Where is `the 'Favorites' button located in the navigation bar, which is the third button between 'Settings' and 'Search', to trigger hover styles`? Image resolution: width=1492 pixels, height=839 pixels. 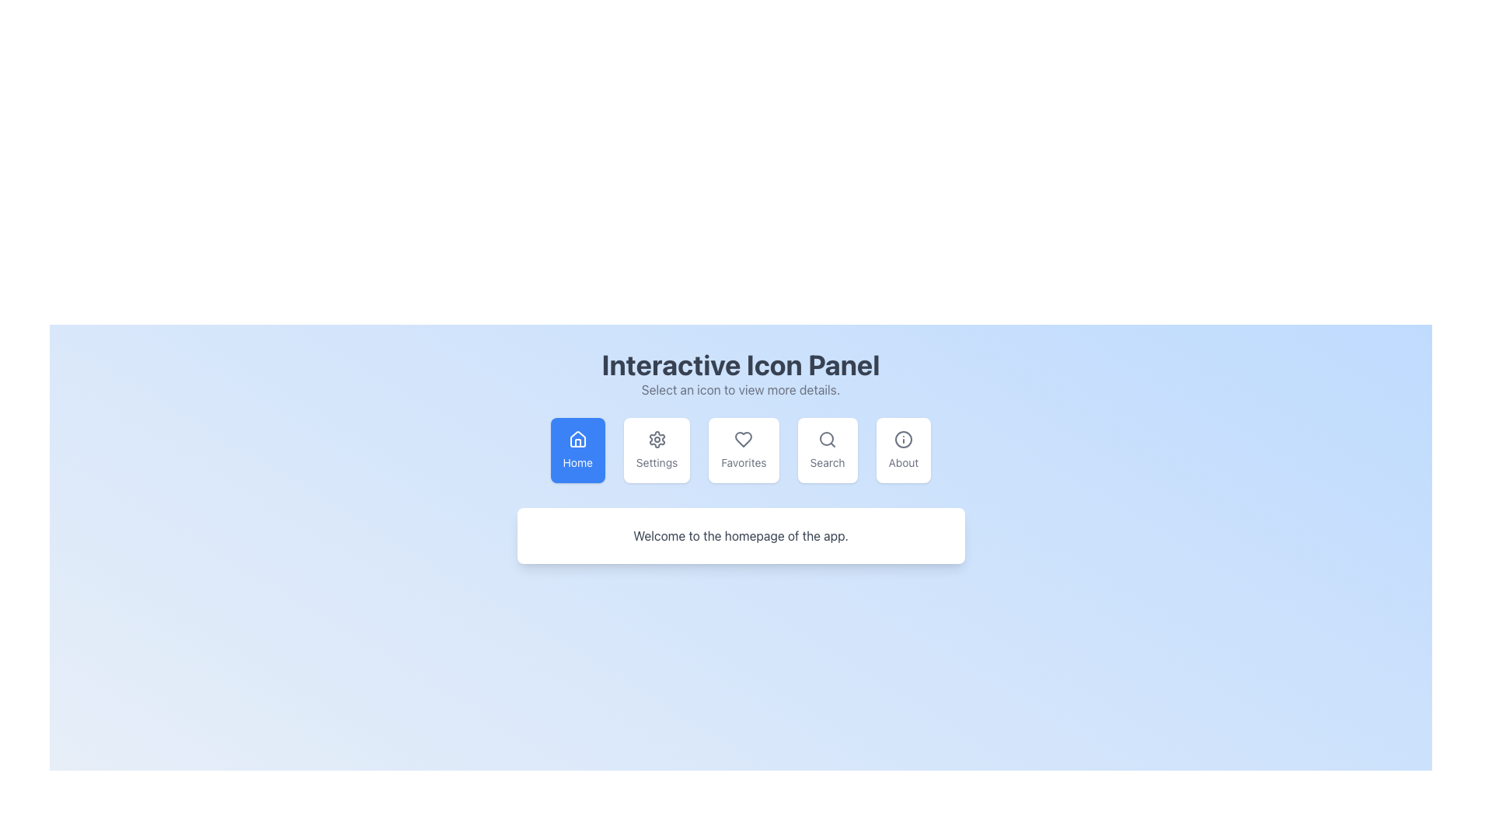
the 'Favorites' button located in the navigation bar, which is the third button between 'Settings' and 'Search', to trigger hover styles is located at coordinates (743, 450).